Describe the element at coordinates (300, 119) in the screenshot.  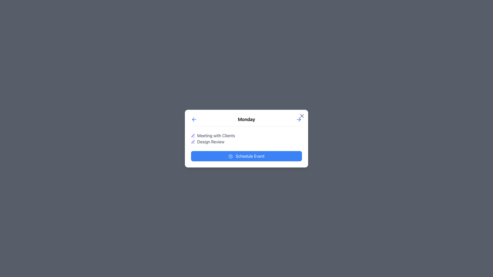
I see `the right arrow icon in the top-right corner of the modal dialog` at that location.